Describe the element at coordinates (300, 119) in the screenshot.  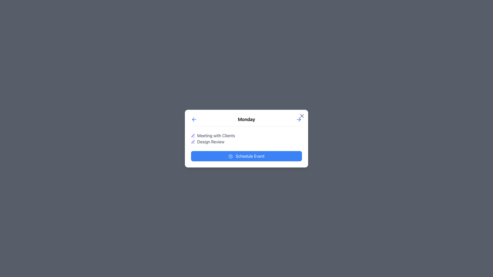
I see `the right arrow icon in the top-right corner of the modal dialog` at that location.